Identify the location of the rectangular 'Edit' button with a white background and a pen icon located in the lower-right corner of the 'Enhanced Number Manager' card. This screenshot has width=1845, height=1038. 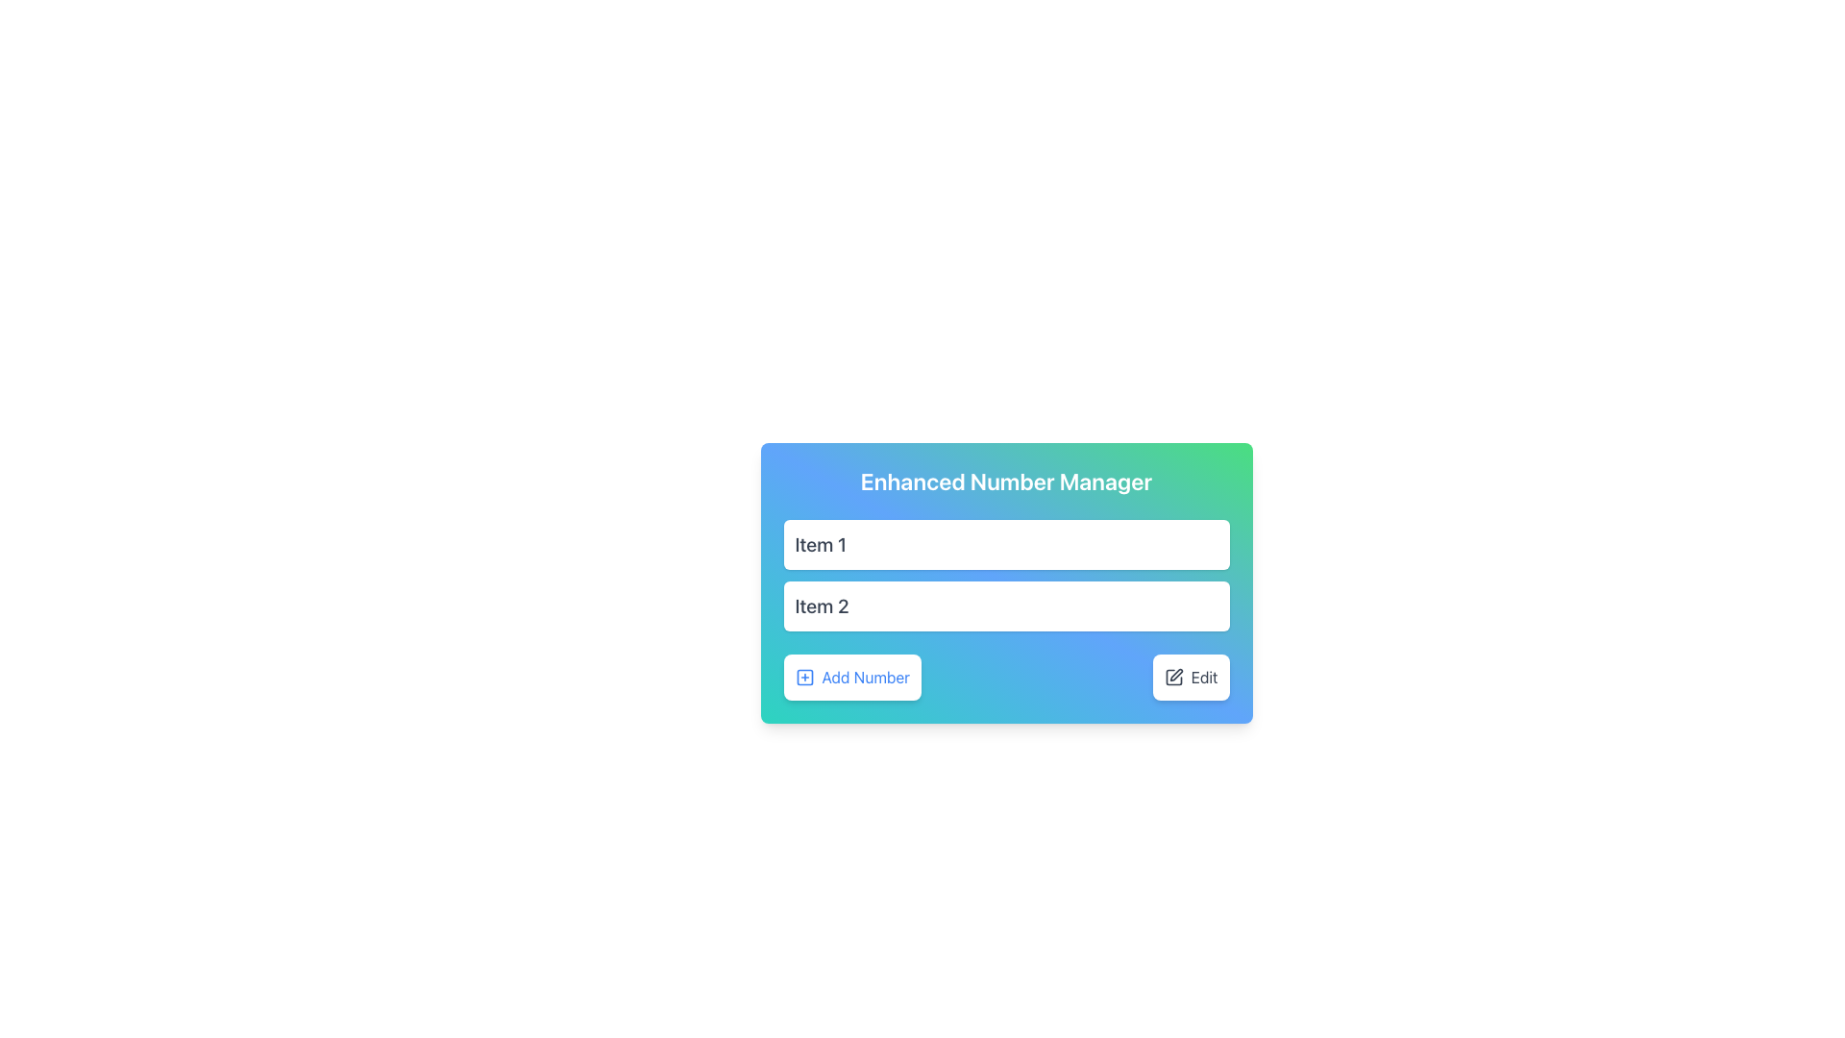
(1190, 677).